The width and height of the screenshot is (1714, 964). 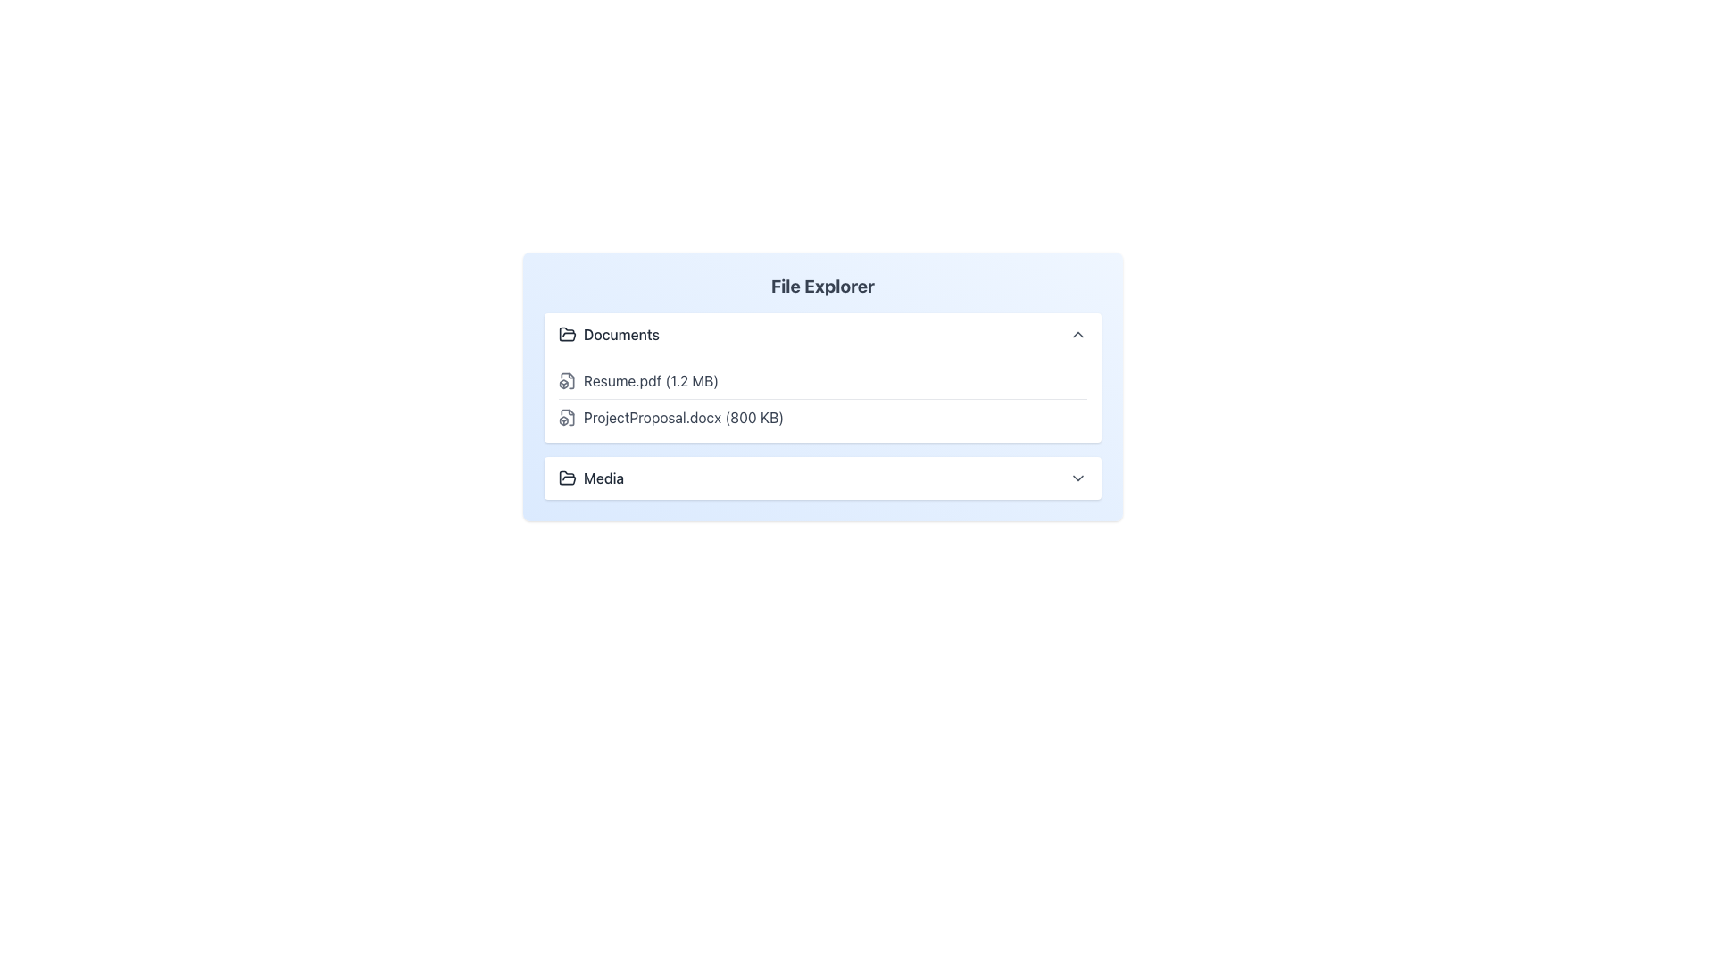 What do you see at coordinates (638, 380) in the screenshot?
I see `the file entry row displaying 'Resume.pdf' (1.2 MB) in the Documents section` at bounding box center [638, 380].